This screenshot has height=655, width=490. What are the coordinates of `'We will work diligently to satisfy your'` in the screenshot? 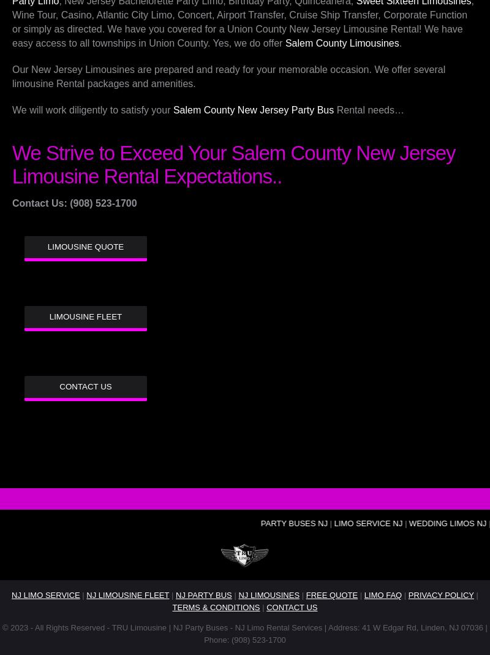 It's located at (92, 110).